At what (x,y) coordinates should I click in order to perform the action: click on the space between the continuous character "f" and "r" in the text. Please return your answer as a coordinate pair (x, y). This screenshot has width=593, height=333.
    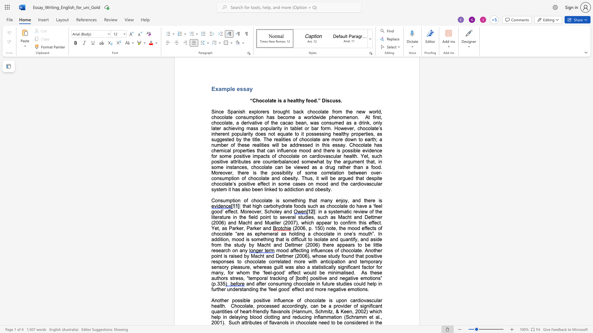
    Looking at the image, I should click on (254, 311).